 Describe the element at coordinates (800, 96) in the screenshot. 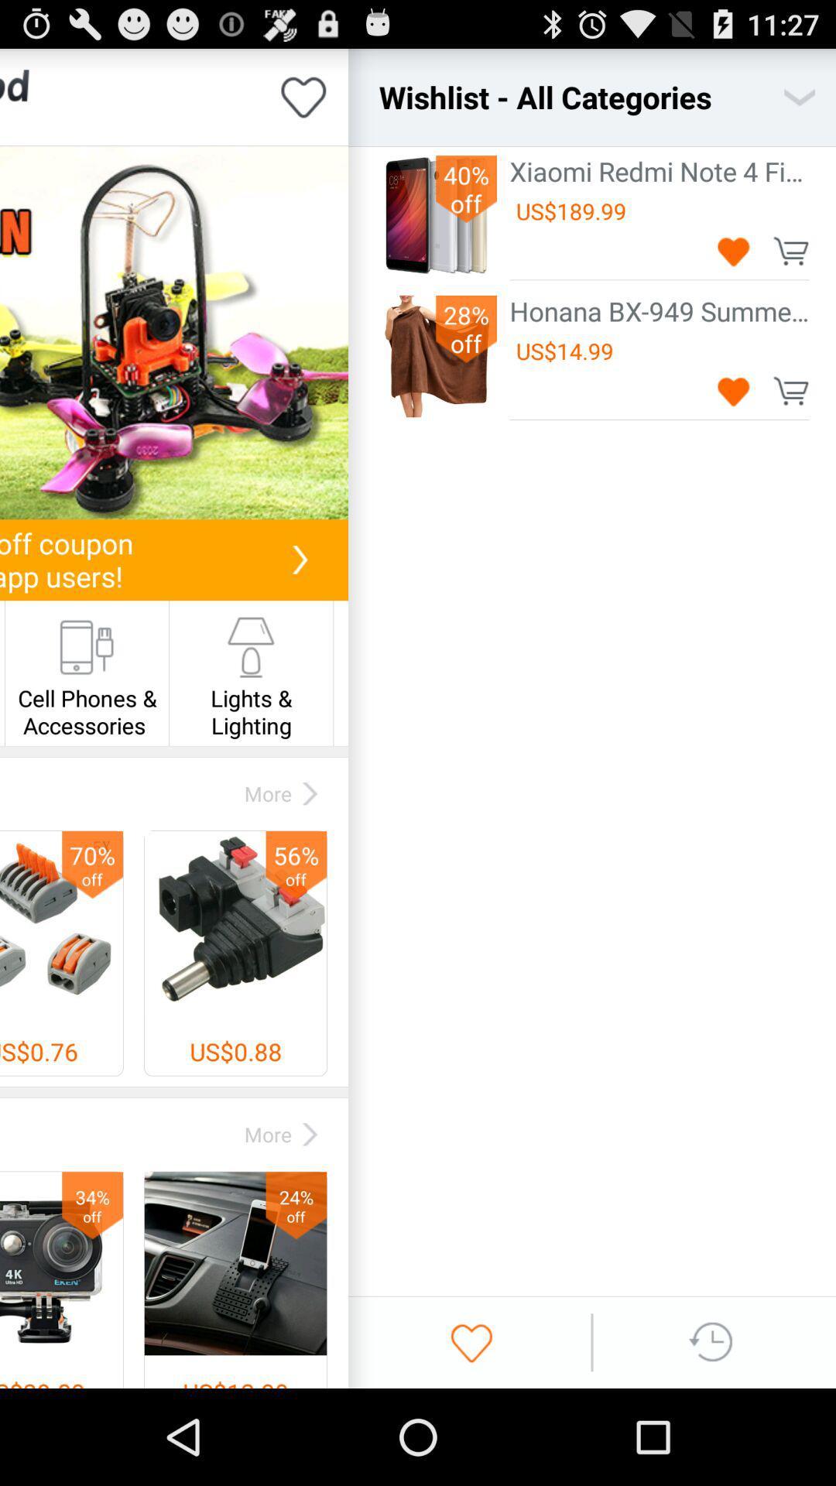

I see `open wishlist` at that location.